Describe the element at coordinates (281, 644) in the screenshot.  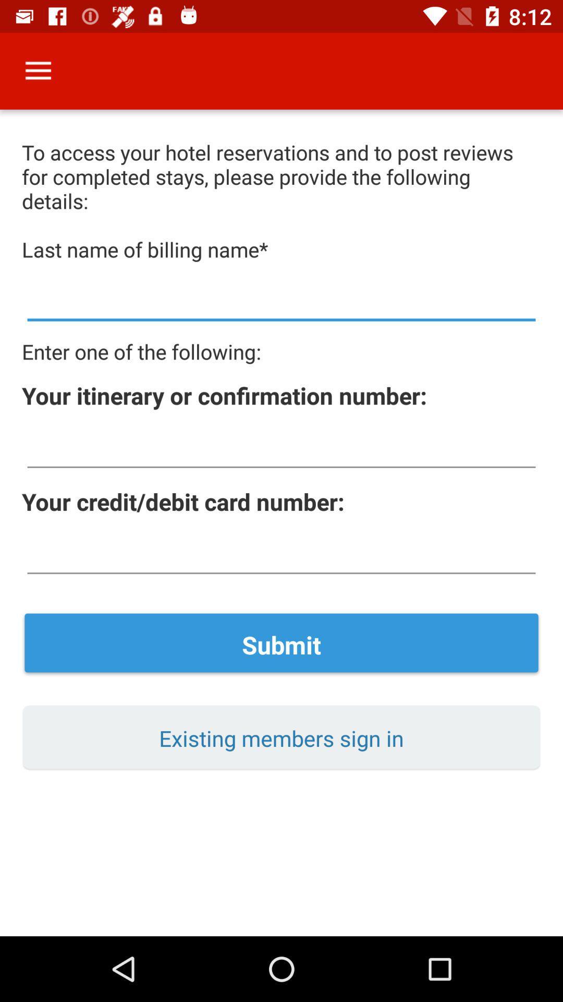
I see `the submit` at that location.